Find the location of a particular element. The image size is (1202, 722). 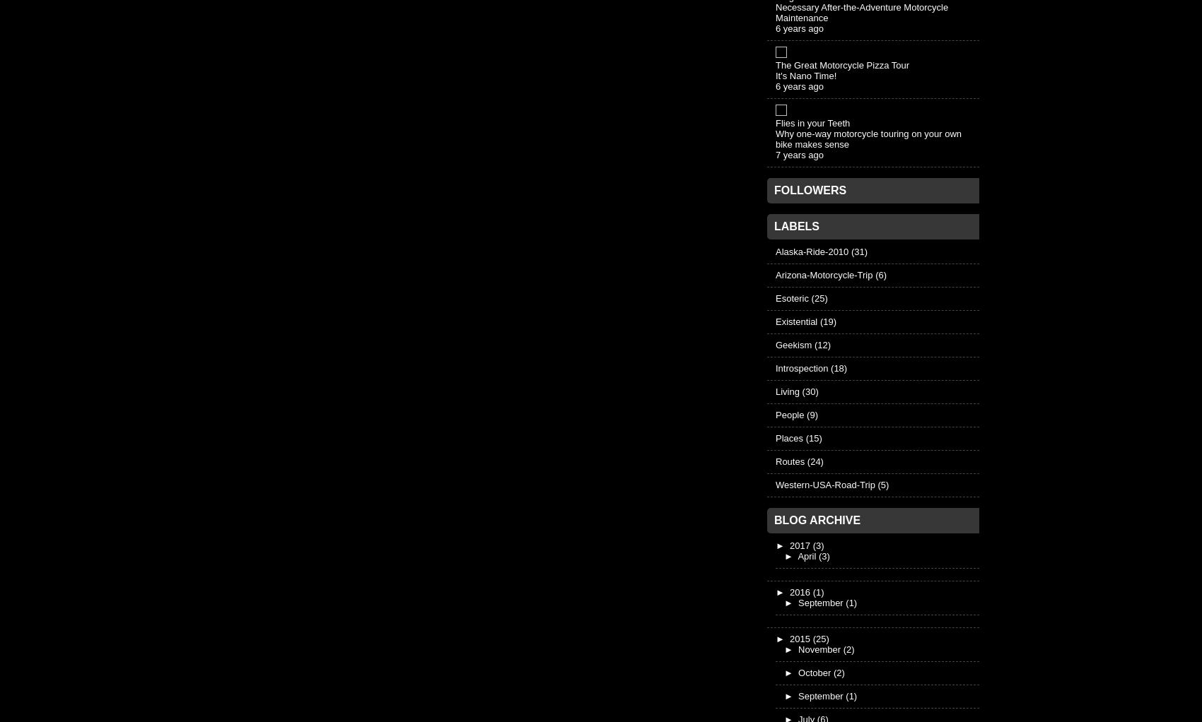

'(24)' is located at coordinates (807, 461).